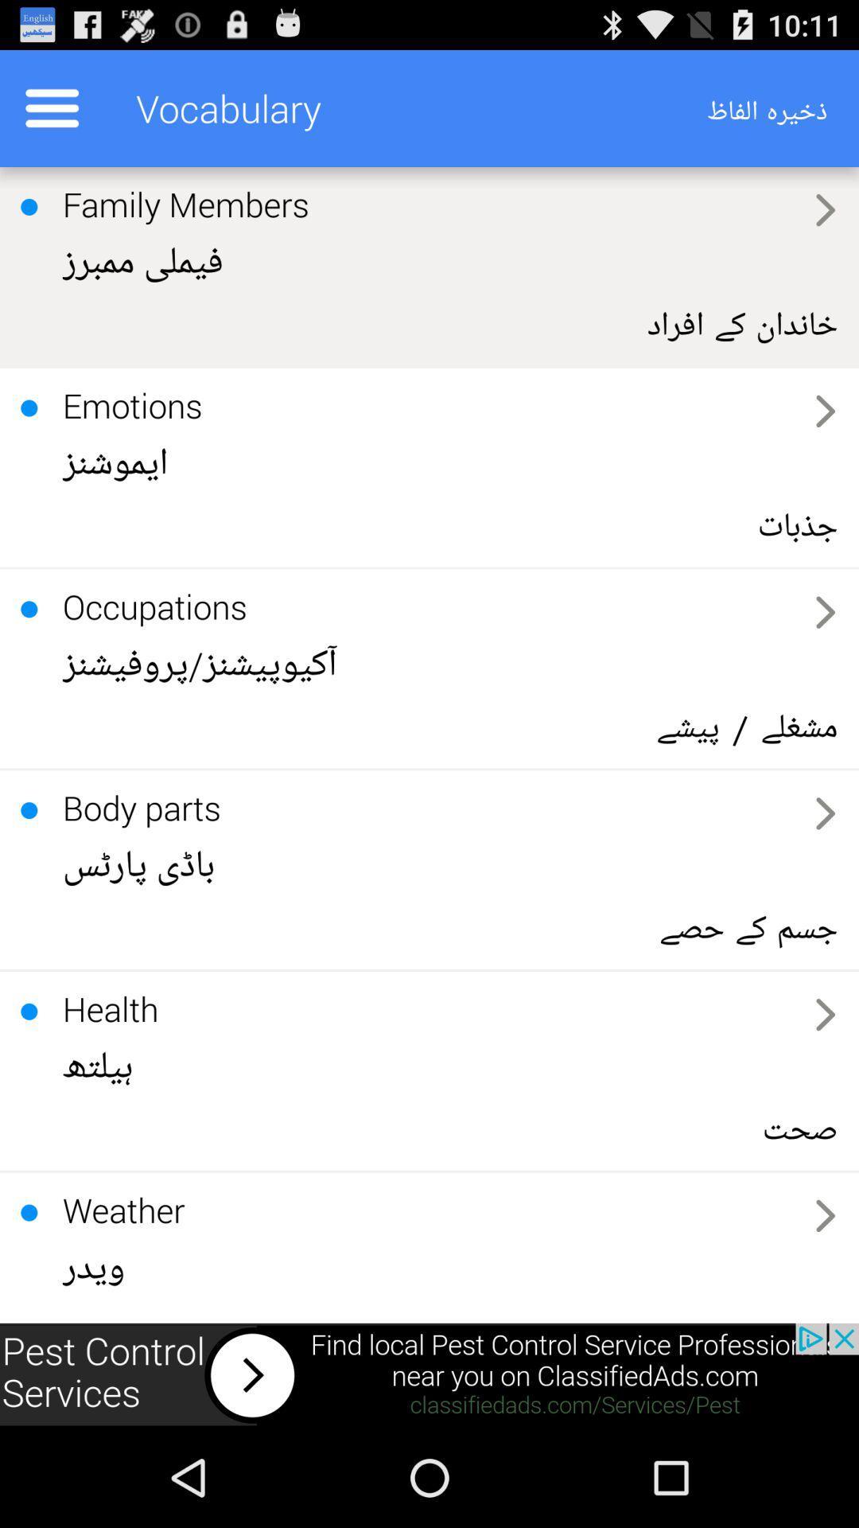  What do you see at coordinates (429, 1374) in the screenshot?
I see `advertisement` at bounding box center [429, 1374].